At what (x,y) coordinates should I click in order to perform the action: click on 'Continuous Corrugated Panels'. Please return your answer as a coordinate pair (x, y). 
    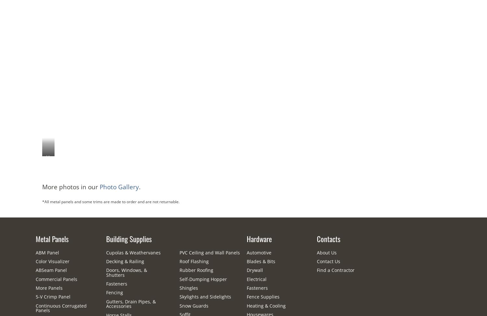
    Looking at the image, I should click on (61, 308).